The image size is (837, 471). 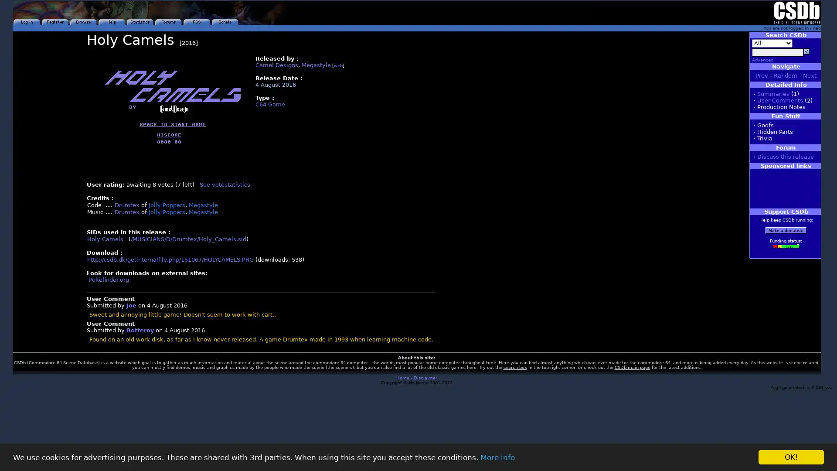 I want to click on Make a donation, so click(x=786, y=230).